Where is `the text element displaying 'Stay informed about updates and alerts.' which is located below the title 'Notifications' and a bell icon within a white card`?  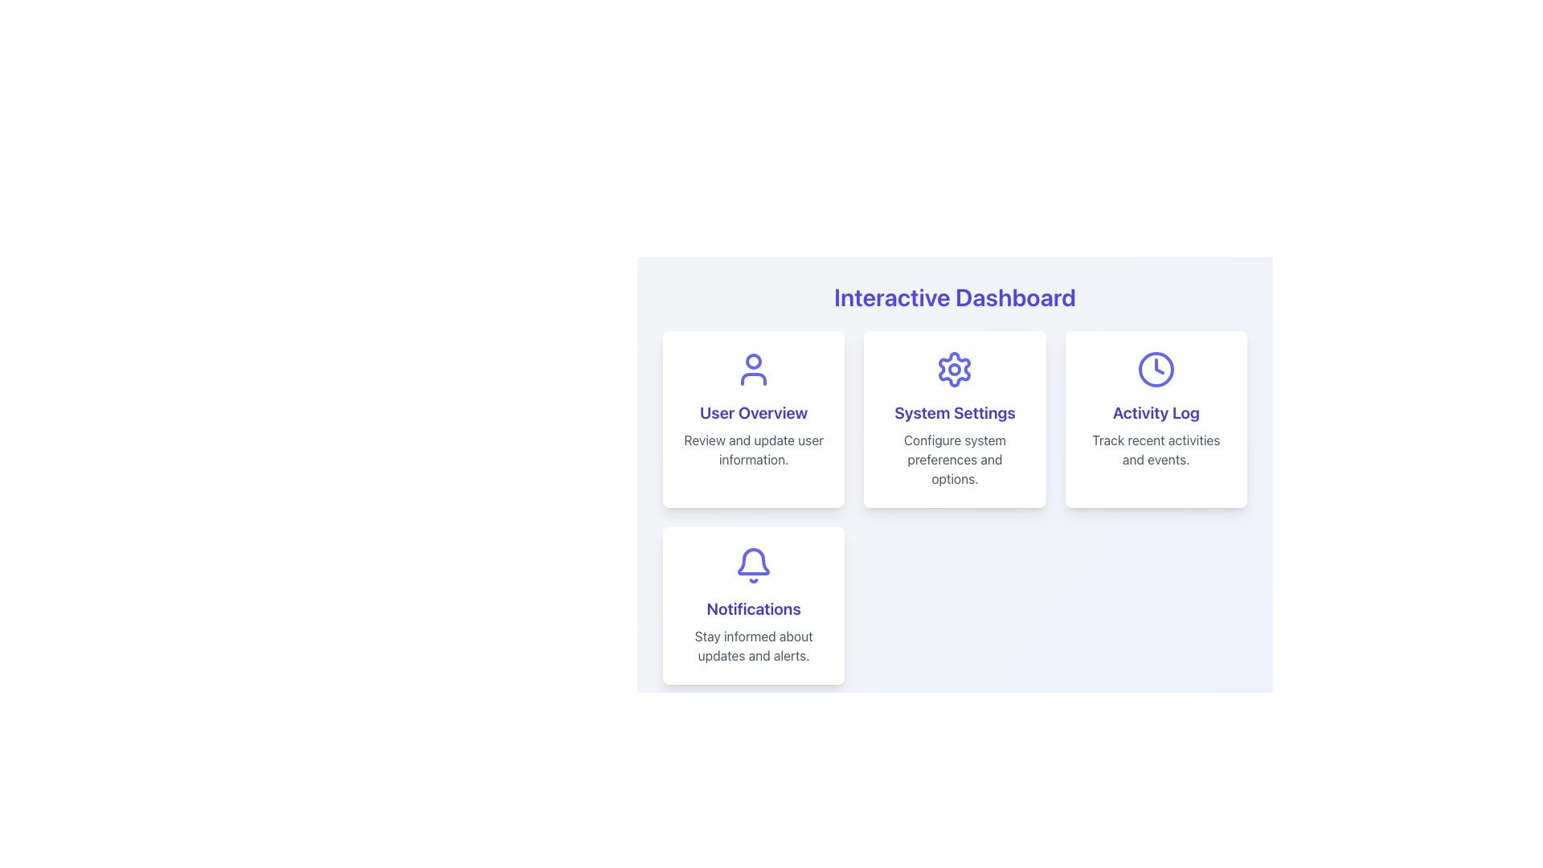
the text element displaying 'Stay informed about updates and alerts.' which is located below the title 'Notifications' and a bell icon within a white card is located at coordinates (753, 645).